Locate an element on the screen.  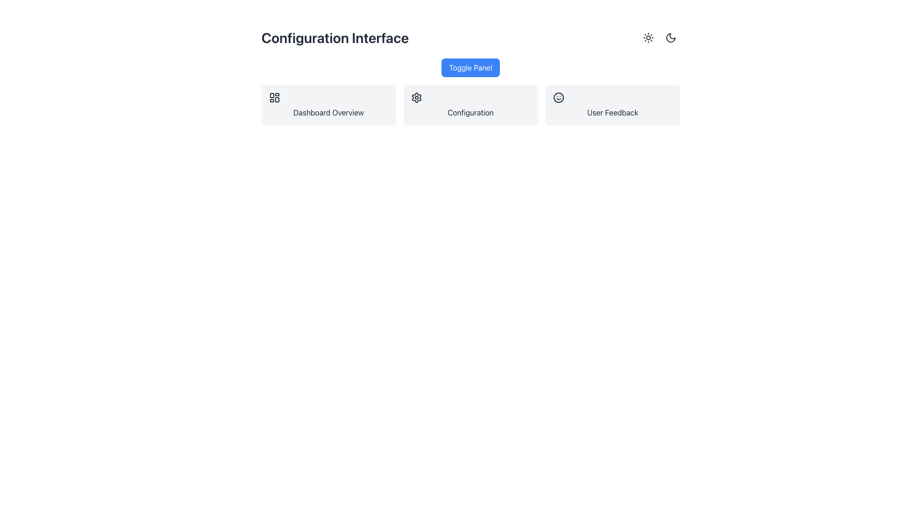
the sun-shaped icon in the top-right corner representing light mode is located at coordinates (648, 37).